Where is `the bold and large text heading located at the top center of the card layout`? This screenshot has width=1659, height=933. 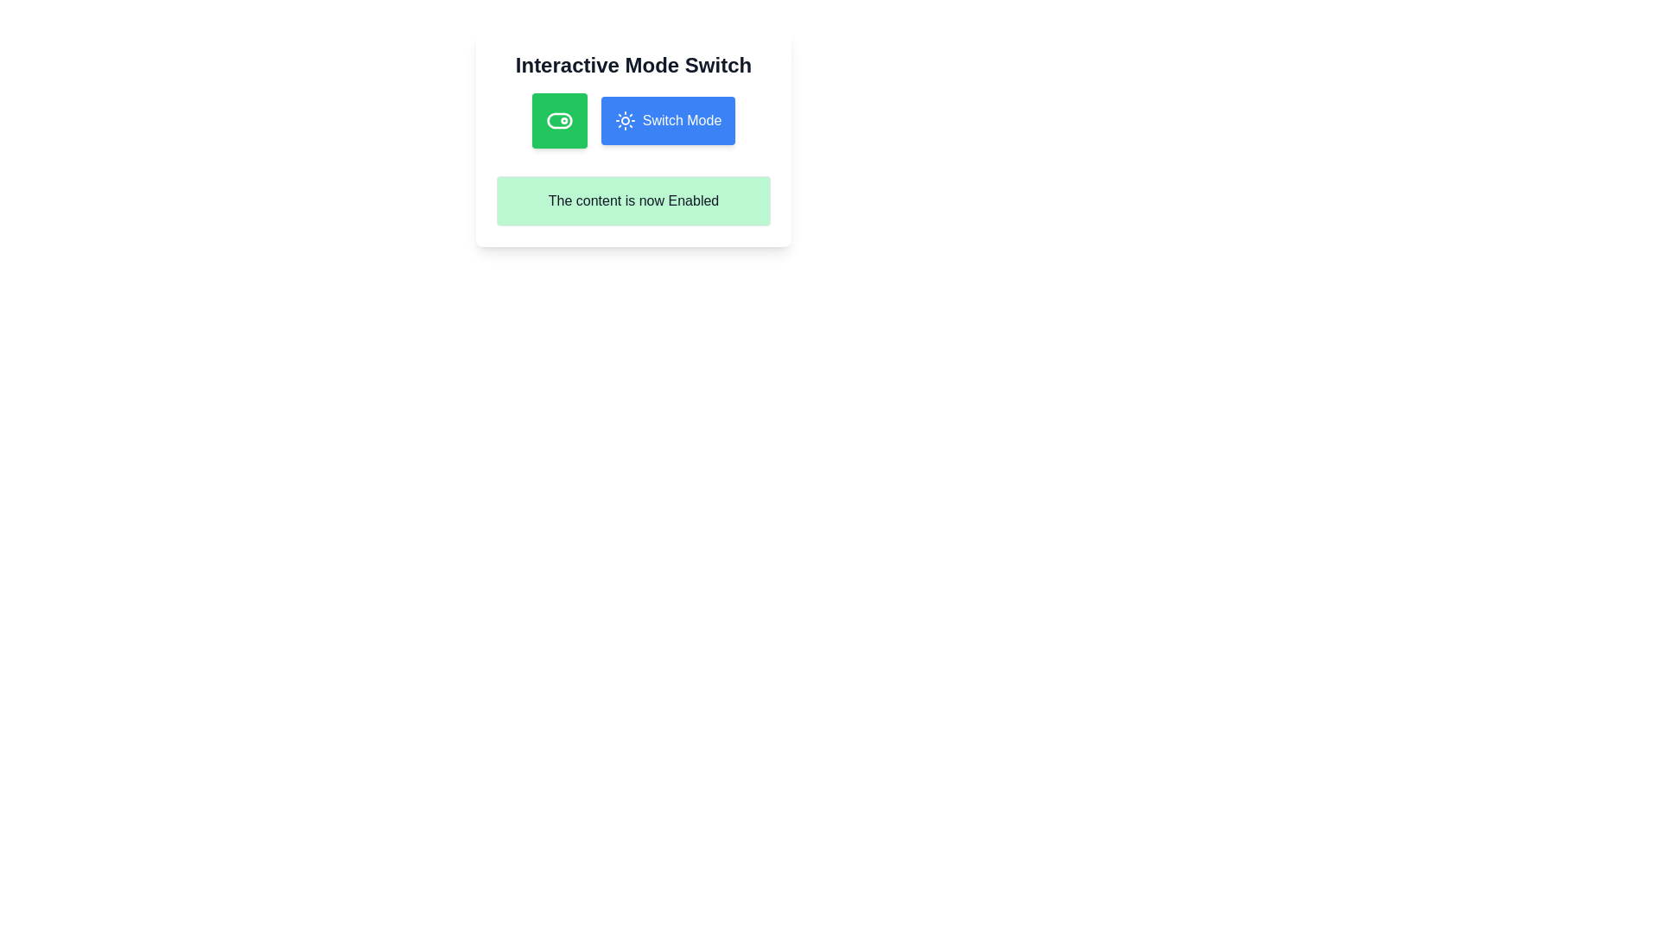 the bold and large text heading located at the top center of the card layout is located at coordinates (632, 65).